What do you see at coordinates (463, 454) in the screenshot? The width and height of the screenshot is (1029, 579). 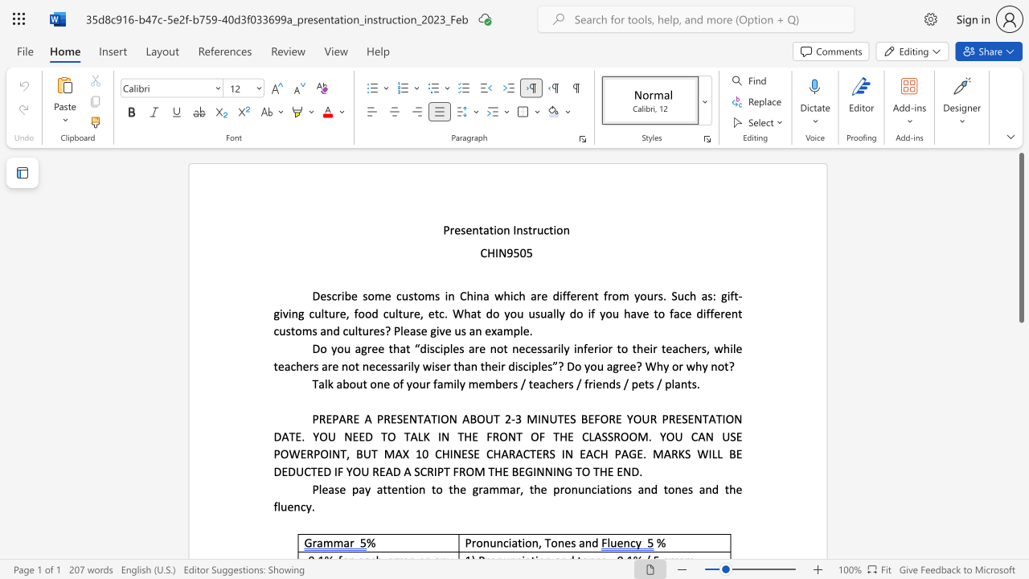 I see `the 13th character "E" in the text` at bounding box center [463, 454].